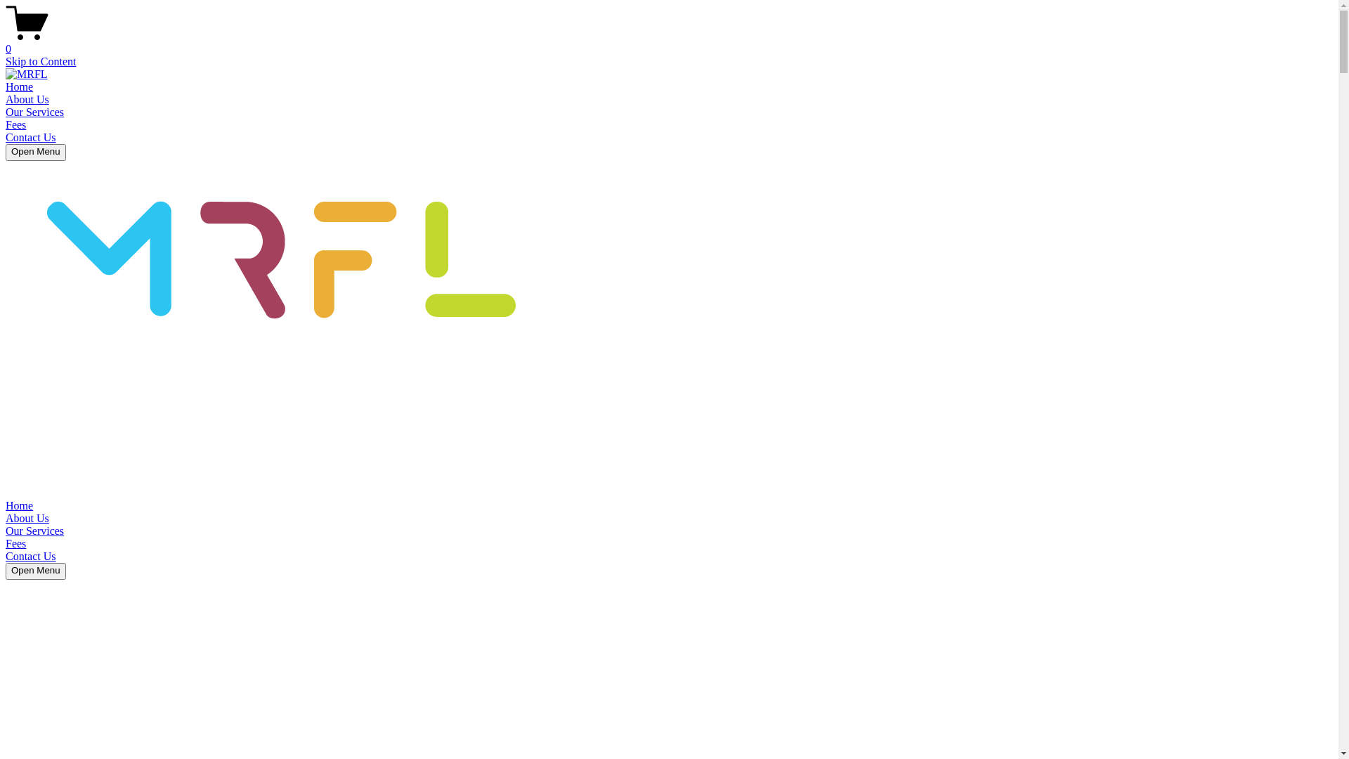  I want to click on 'Our Services', so click(34, 531).